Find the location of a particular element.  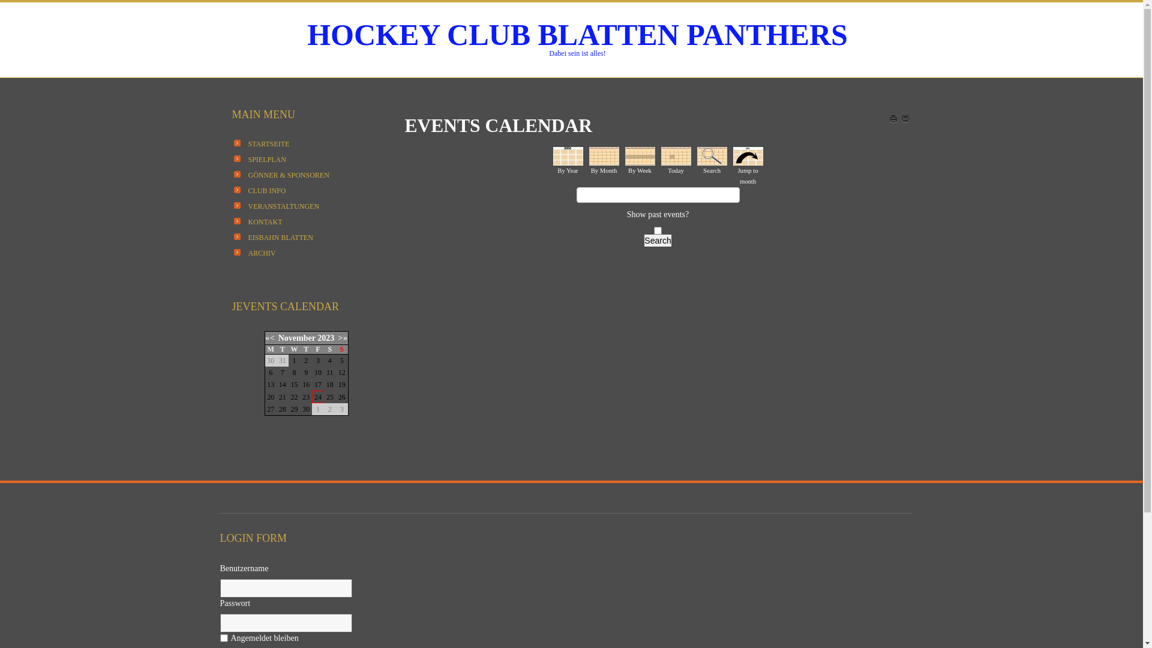

'Search' is located at coordinates (656, 241).